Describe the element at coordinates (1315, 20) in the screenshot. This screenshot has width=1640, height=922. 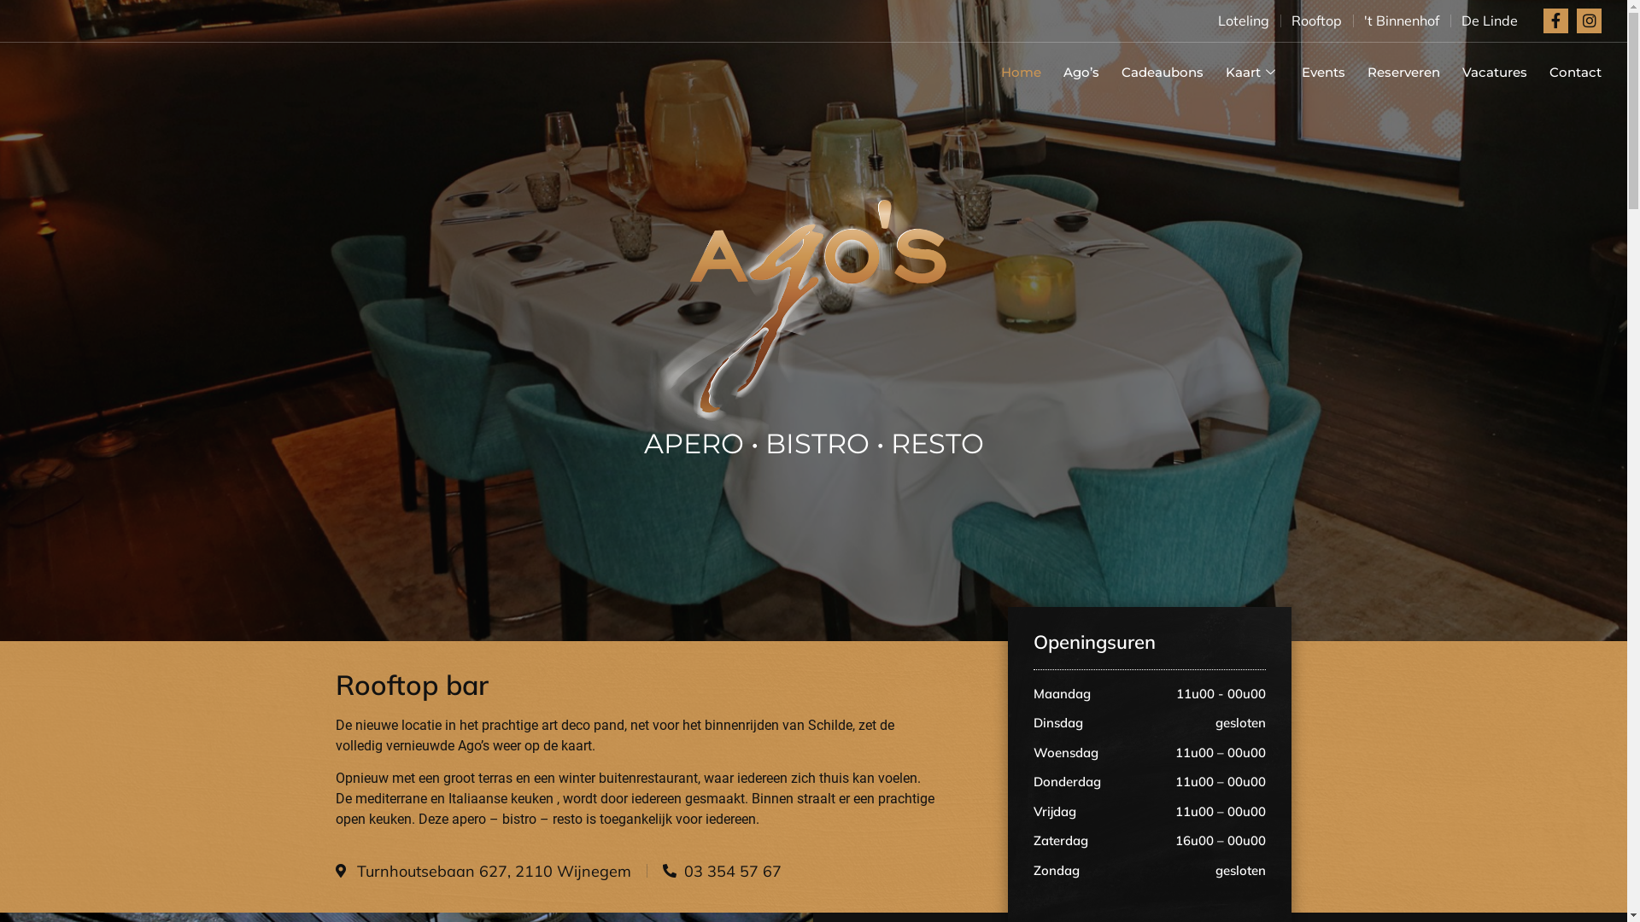
I see `'Rooftop'` at that location.